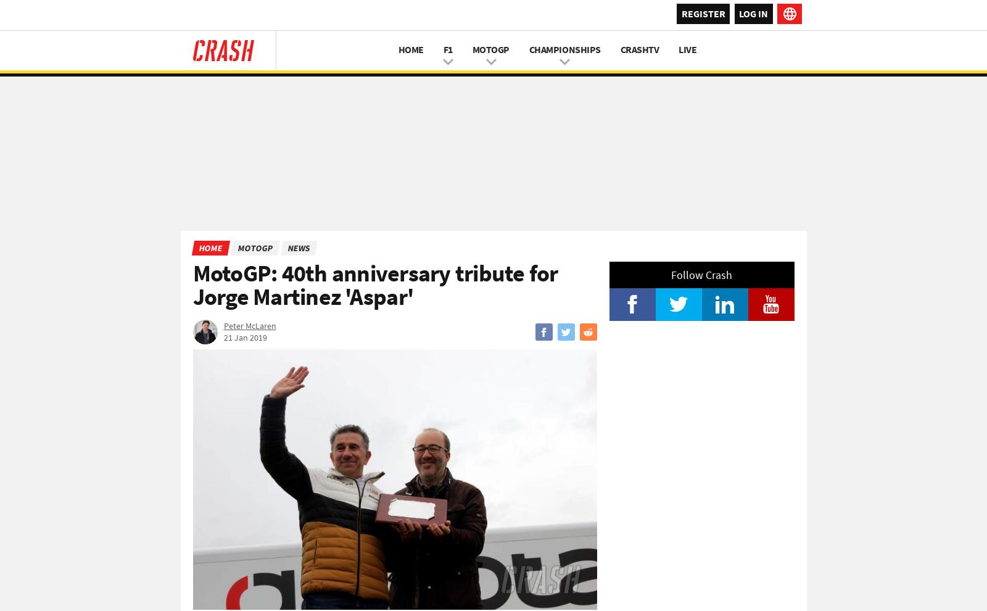  Describe the element at coordinates (375, 285) in the screenshot. I see `'MotoGP: 40th anniversary tribute for Jorge Martinez 'Aspar''` at that location.